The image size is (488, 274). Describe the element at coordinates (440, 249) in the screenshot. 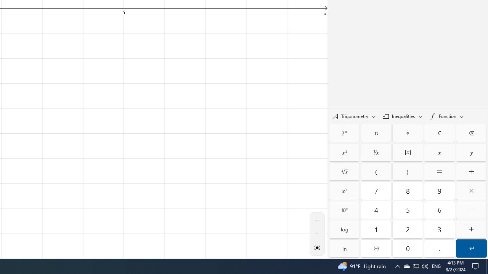

I see `'Decimal separator'` at that location.